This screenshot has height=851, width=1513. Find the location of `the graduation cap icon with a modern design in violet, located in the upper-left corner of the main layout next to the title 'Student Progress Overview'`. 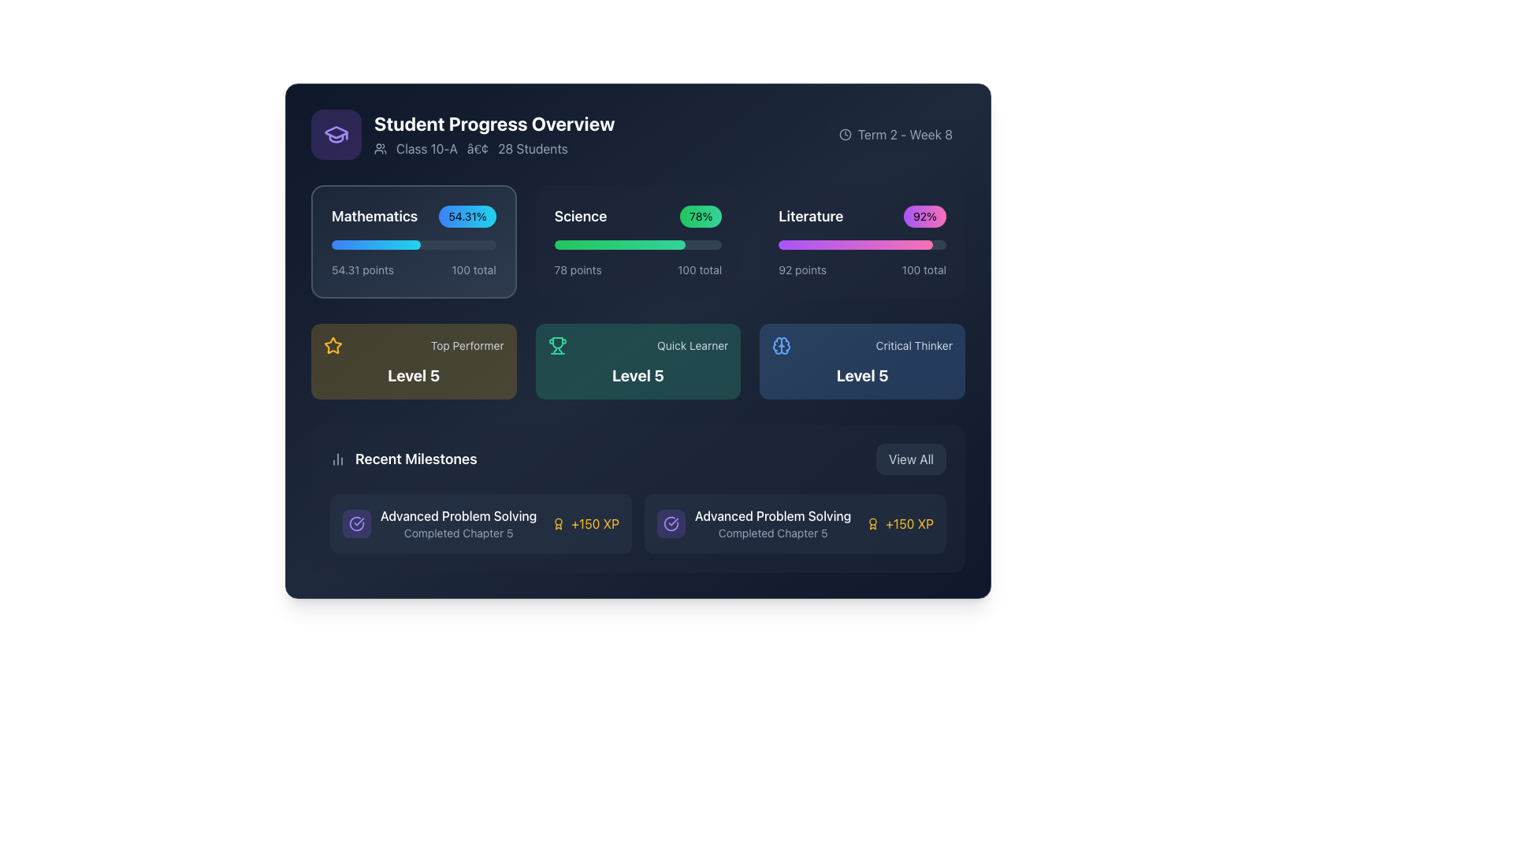

the graduation cap icon with a modern design in violet, located in the upper-left corner of the main layout next to the title 'Student Progress Overview' is located at coordinates (336, 133).